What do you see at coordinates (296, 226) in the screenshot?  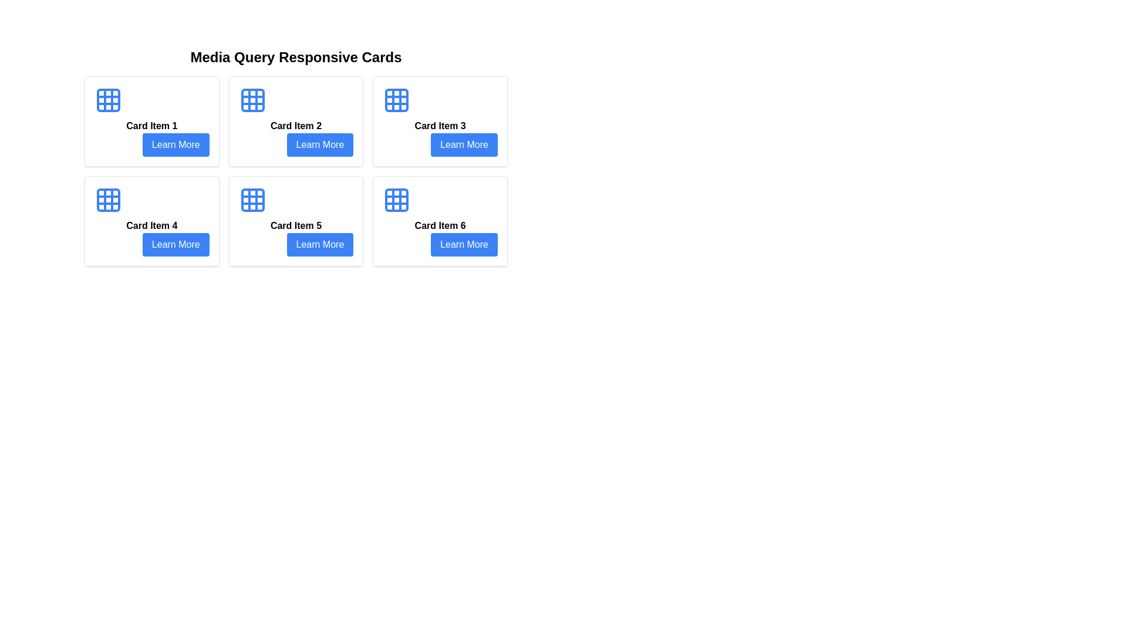 I see `the informational text label that serves as the title for the card located in the second row, second column of the grid layout` at bounding box center [296, 226].